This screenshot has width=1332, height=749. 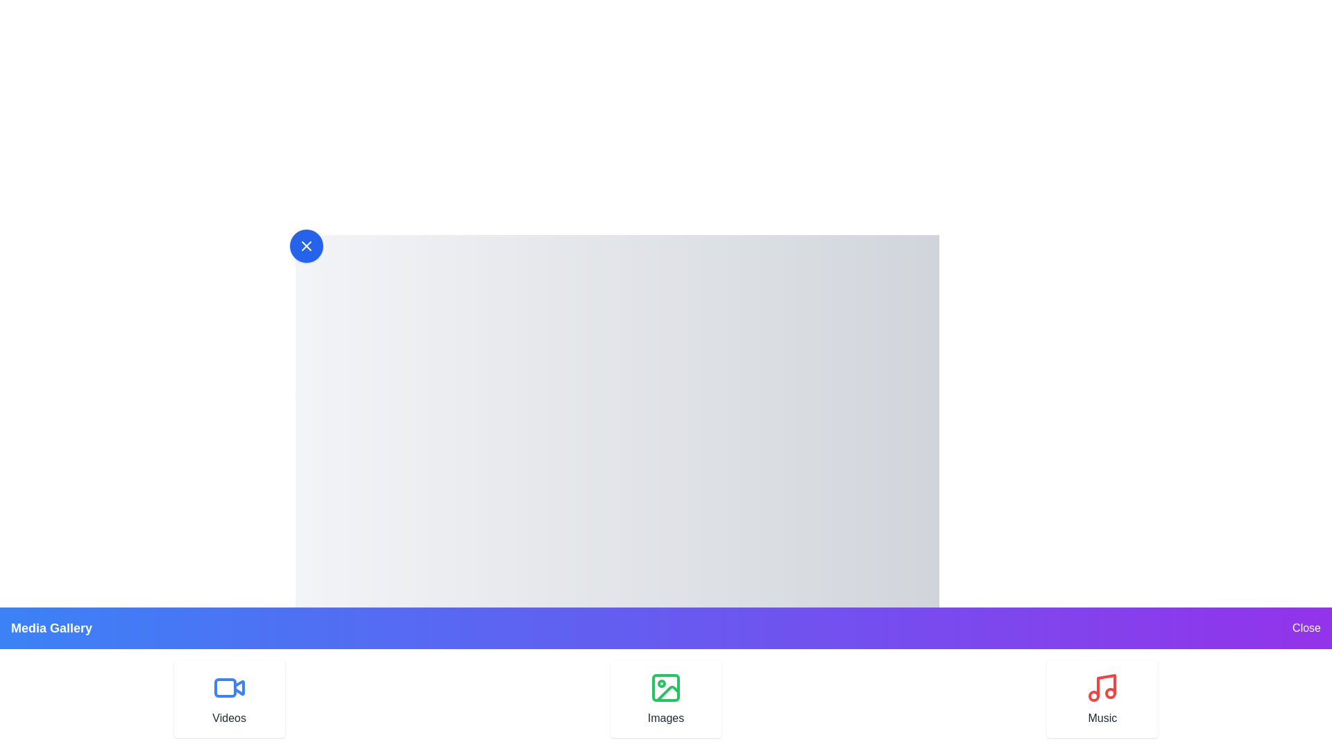 I want to click on the Music option in the multimedia drawer, so click(x=1102, y=698).